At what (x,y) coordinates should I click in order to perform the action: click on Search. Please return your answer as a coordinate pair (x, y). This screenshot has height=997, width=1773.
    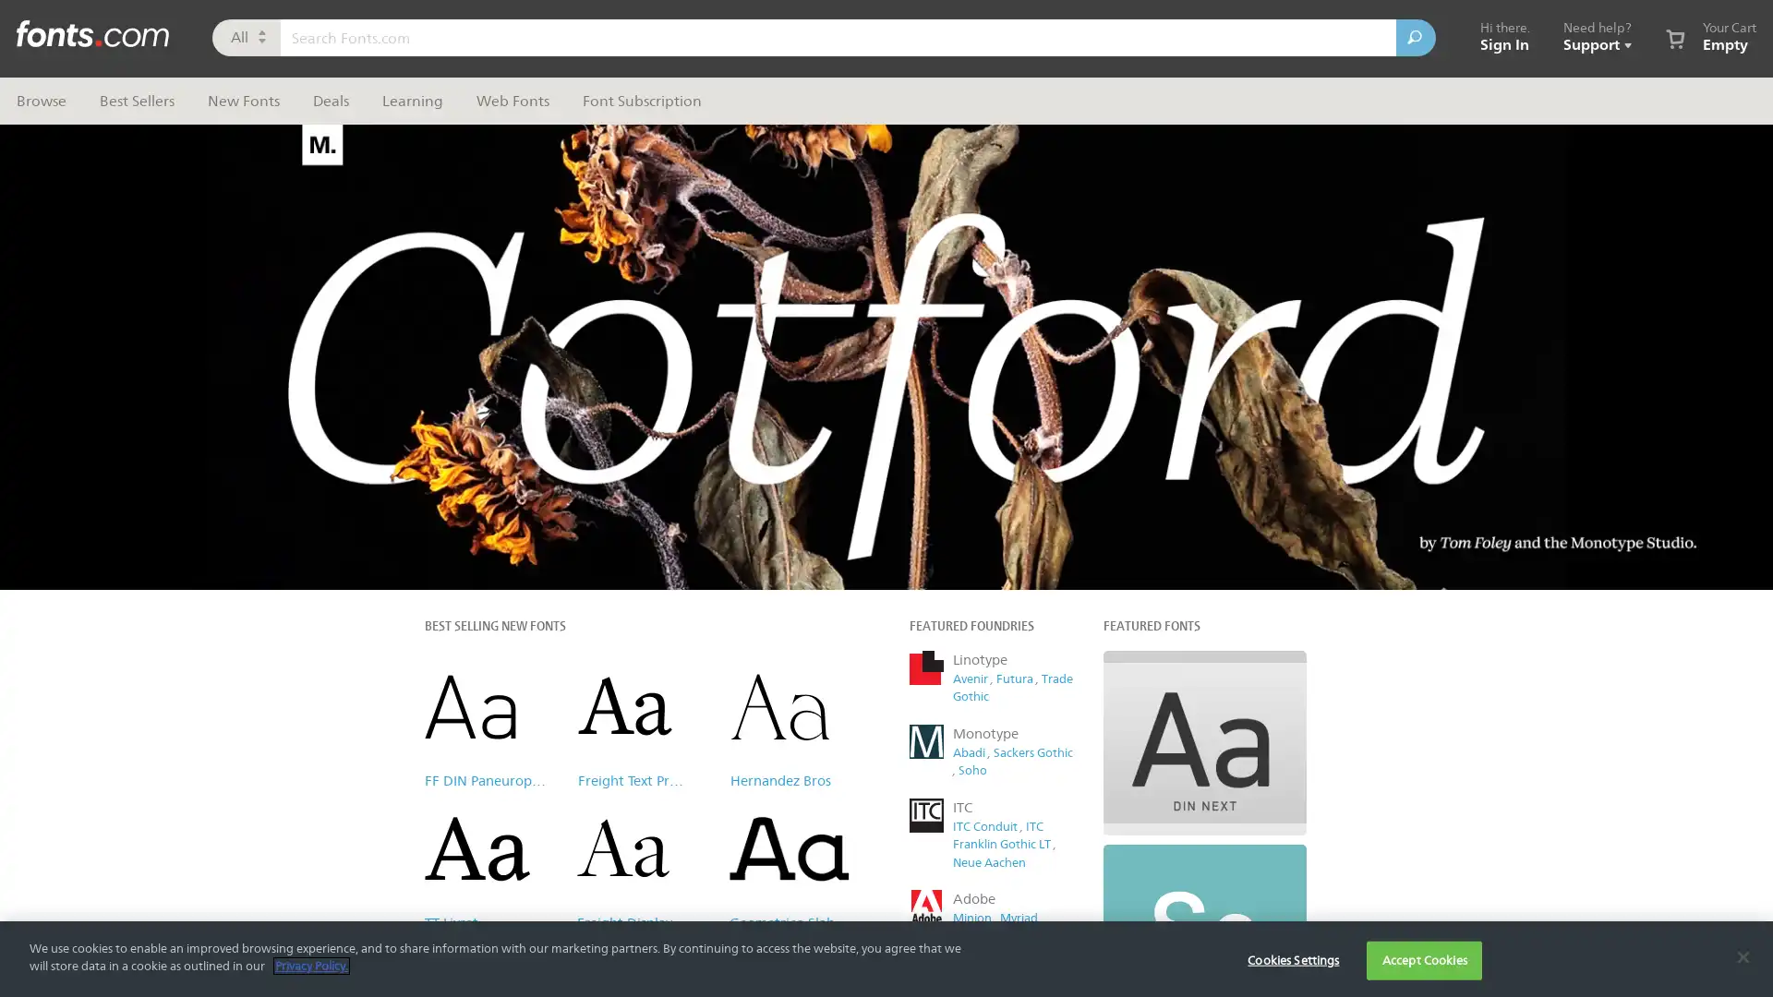
    Looking at the image, I should click on (1415, 38).